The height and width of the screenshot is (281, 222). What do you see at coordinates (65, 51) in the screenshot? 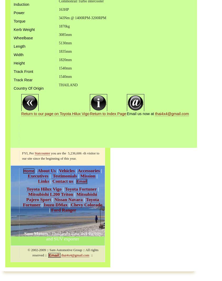
I see `'1835mm'` at bounding box center [65, 51].